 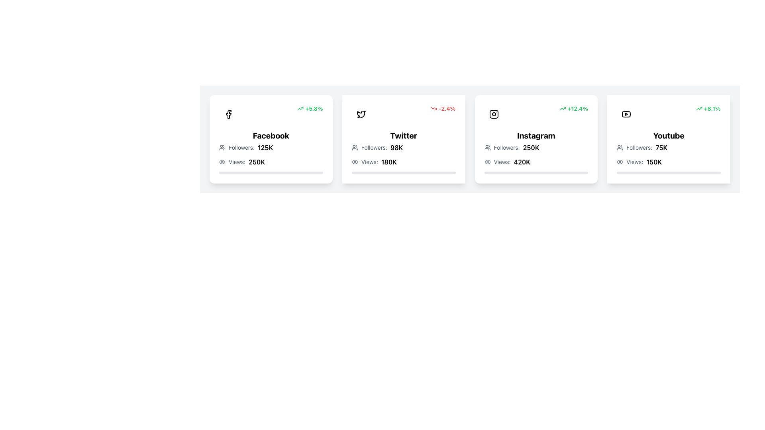 I want to click on the followers count icon located within the 'Youtube' card, which is directly to the left of the 'Followers: 75K' text, so click(x=620, y=147).